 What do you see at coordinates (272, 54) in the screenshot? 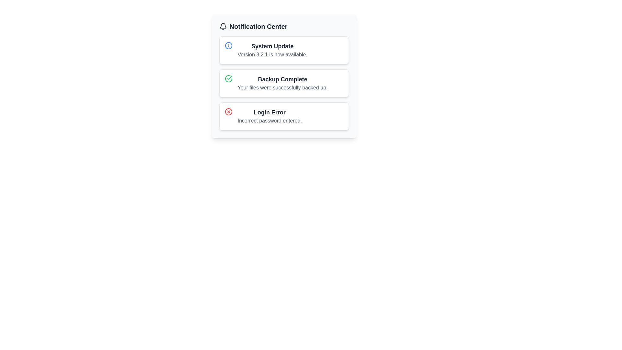
I see `the text element displaying 'Version 3.2.1 is now available.' located directly below the title 'System Update' in the notification panel` at bounding box center [272, 54].